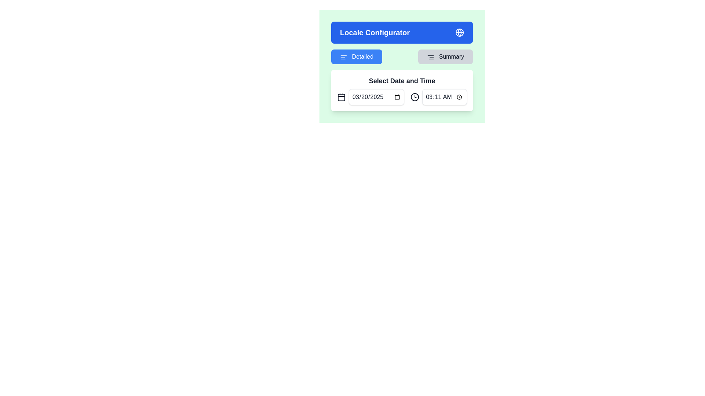 The width and height of the screenshot is (705, 396). What do you see at coordinates (401, 81) in the screenshot?
I see `the bold text label 'Select Date and Time' located under the 'Locale Configurator' section, which is positioned above the date and time input fields` at bounding box center [401, 81].